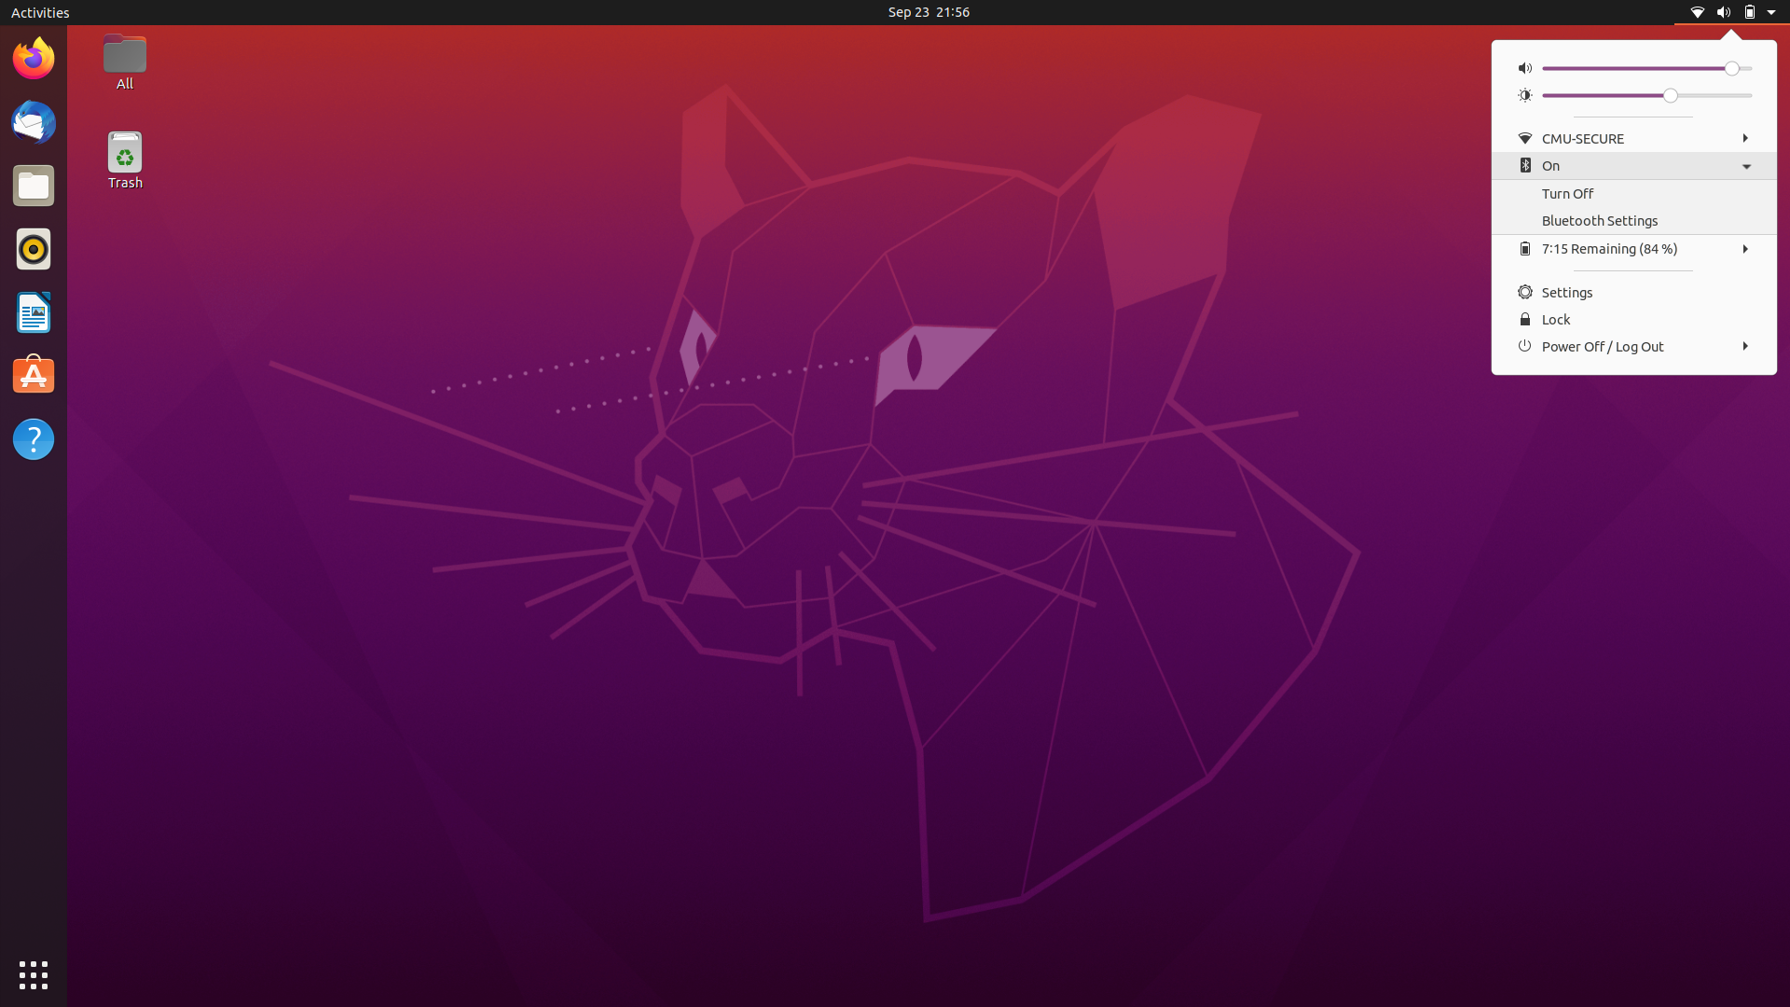 This screenshot has width=1790, height=1007. I want to click on Files, so click(32, 184).